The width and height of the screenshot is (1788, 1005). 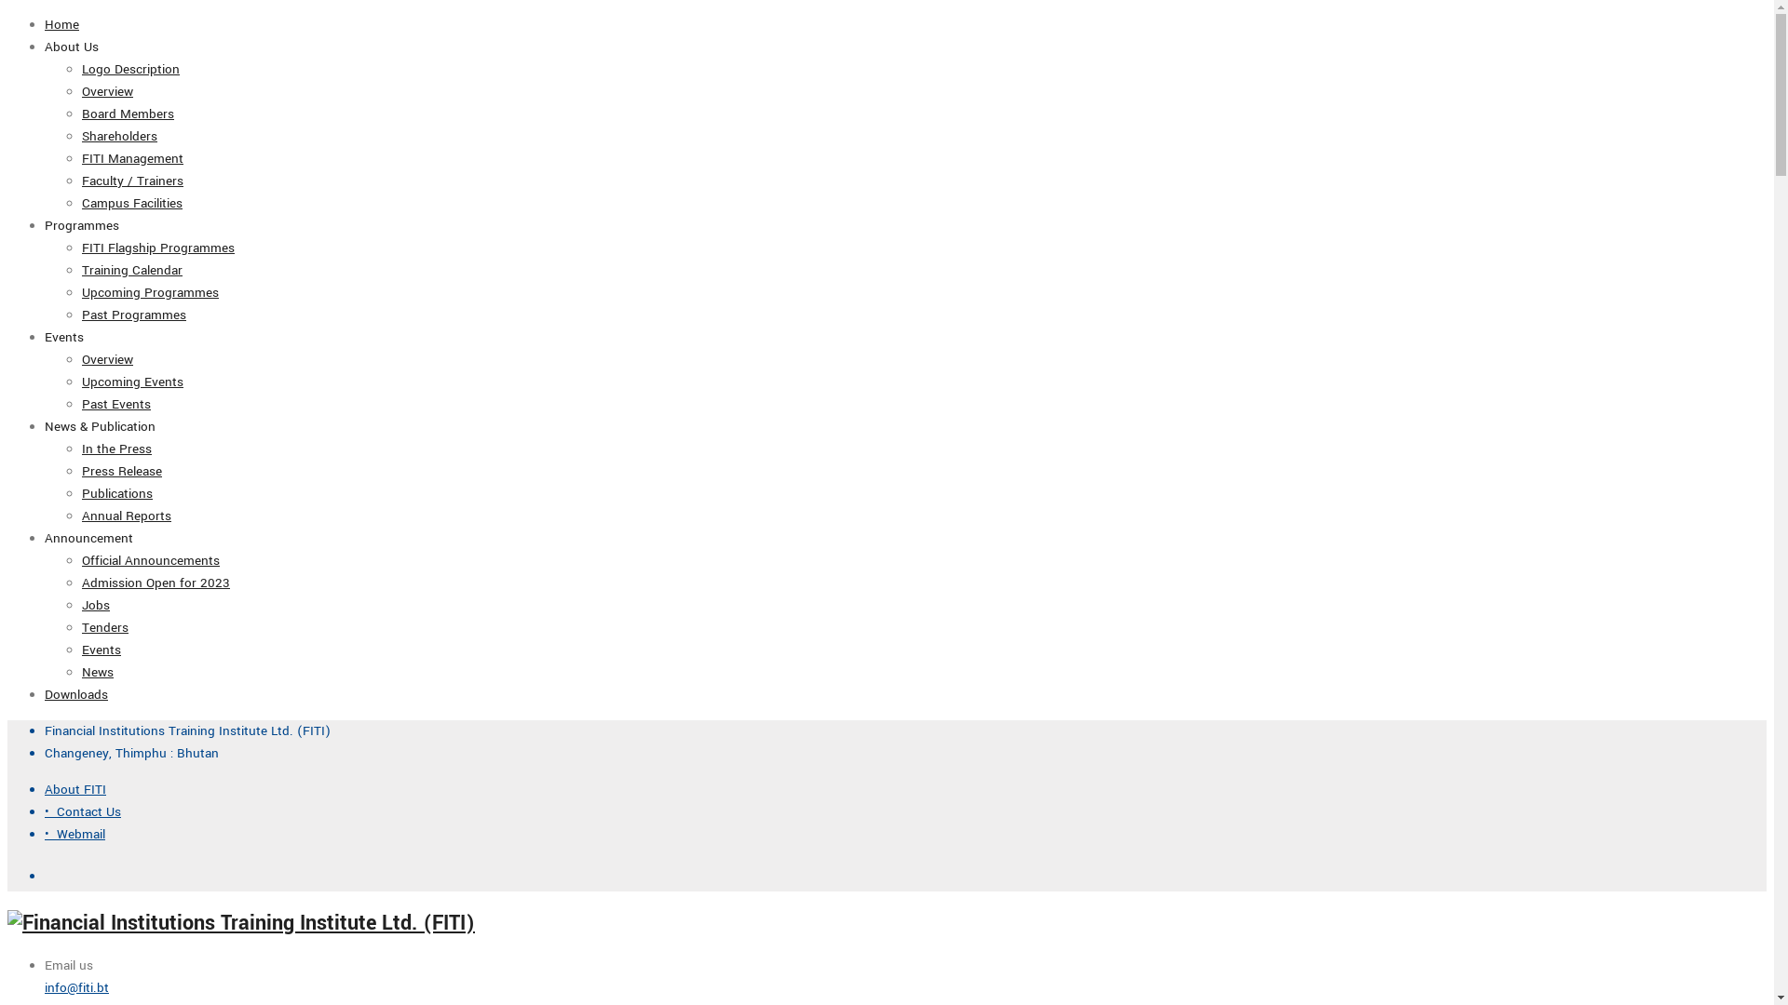 I want to click on 'Campus Facilities', so click(x=131, y=203).